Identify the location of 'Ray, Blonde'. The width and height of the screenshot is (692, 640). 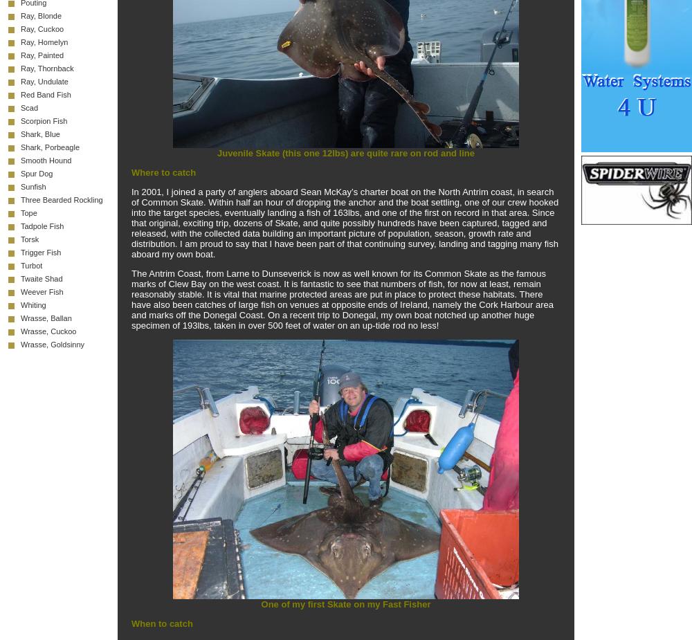
(21, 15).